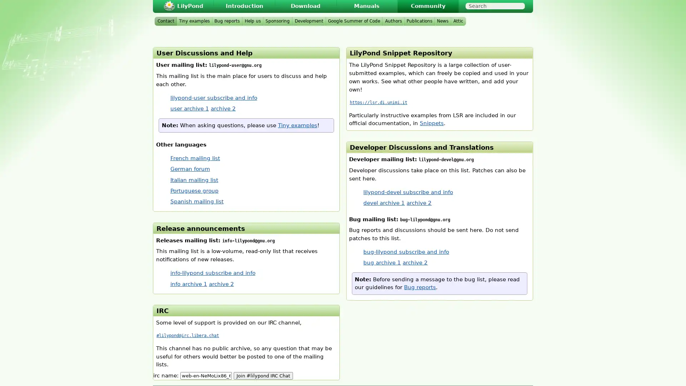 The image size is (686, 386). Describe the element at coordinates (263, 375) in the screenshot. I see `Join #lilypond IRC Chat` at that location.